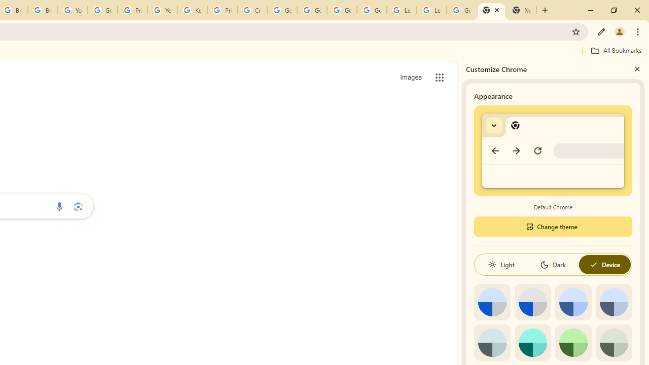 The image size is (649, 365). Describe the element at coordinates (532, 302) in the screenshot. I see `'Grey default color'` at that location.